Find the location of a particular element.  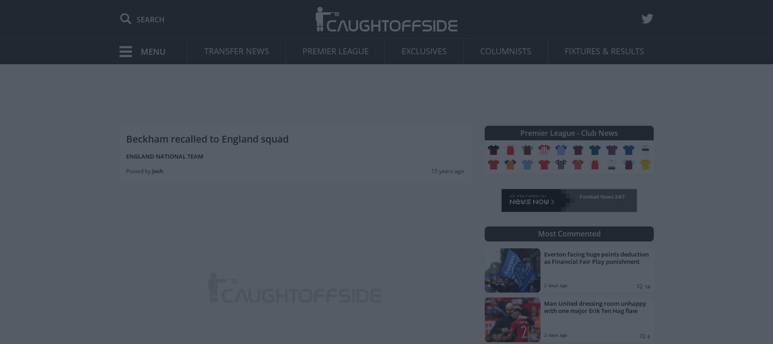

'Most Commented' is located at coordinates (569, 233).